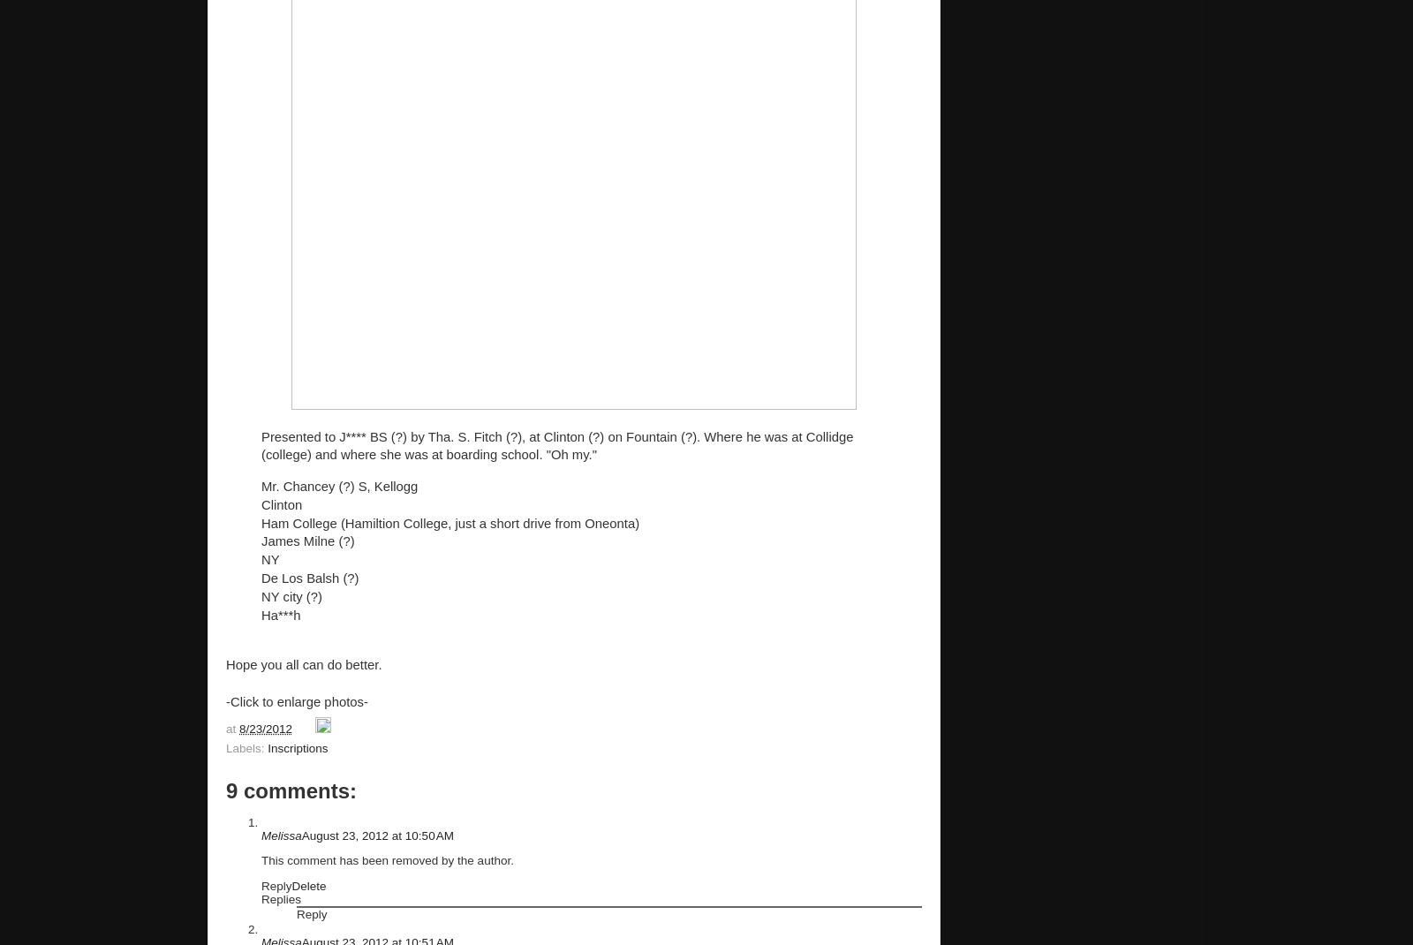 This screenshot has height=945, width=1413. Describe the element at coordinates (280, 615) in the screenshot. I see `'Ha***h'` at that location.